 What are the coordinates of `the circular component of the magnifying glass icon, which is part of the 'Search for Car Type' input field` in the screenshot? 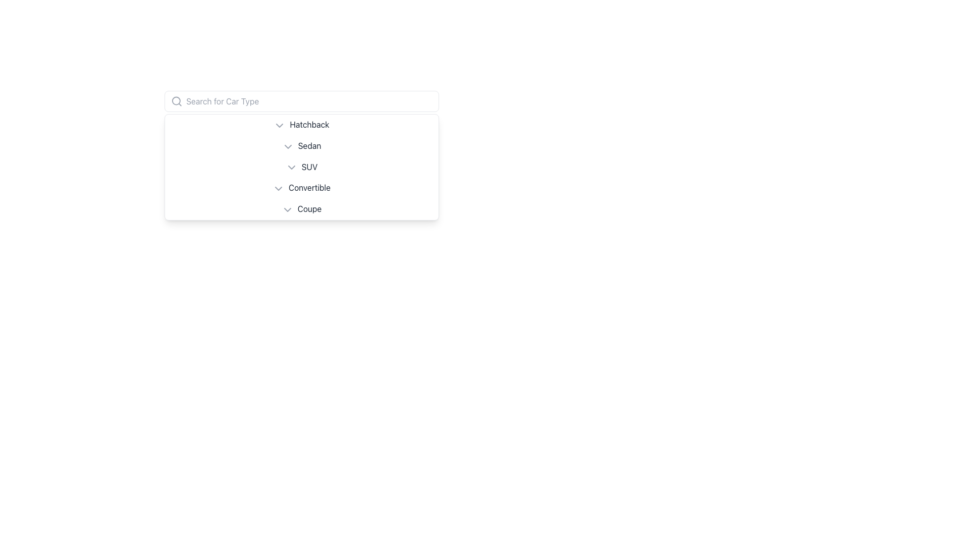 It's located at (176, 101).